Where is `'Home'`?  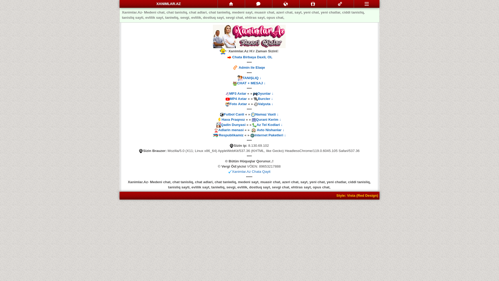
'Home' is located at coordinates (231, 4).